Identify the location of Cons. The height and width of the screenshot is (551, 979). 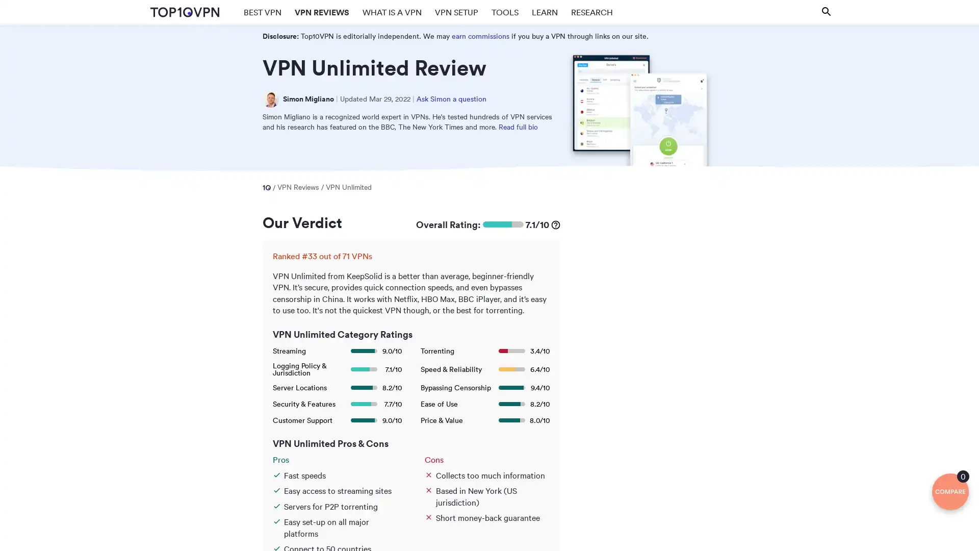
(486, 458).